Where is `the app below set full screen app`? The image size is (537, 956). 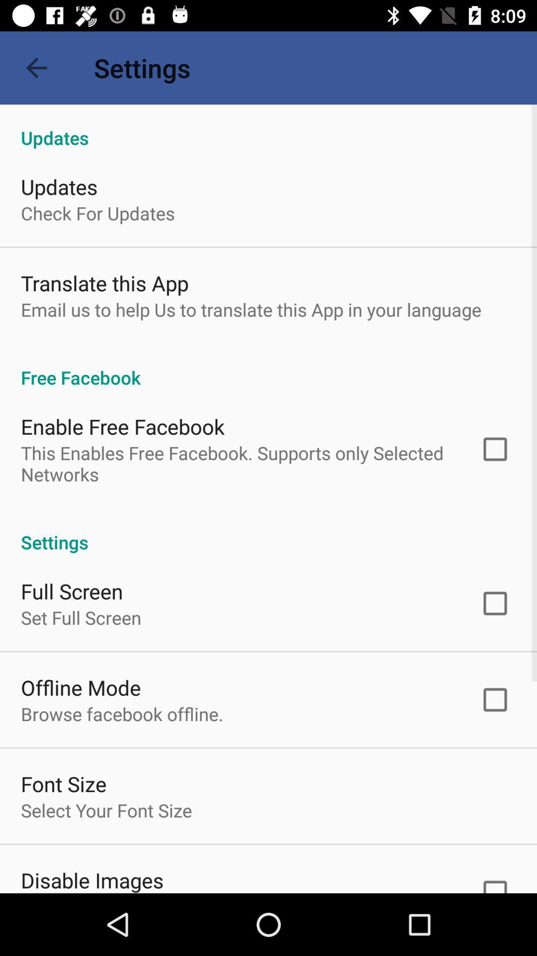 the app below set full screen app is located at coordinates (80, 687).